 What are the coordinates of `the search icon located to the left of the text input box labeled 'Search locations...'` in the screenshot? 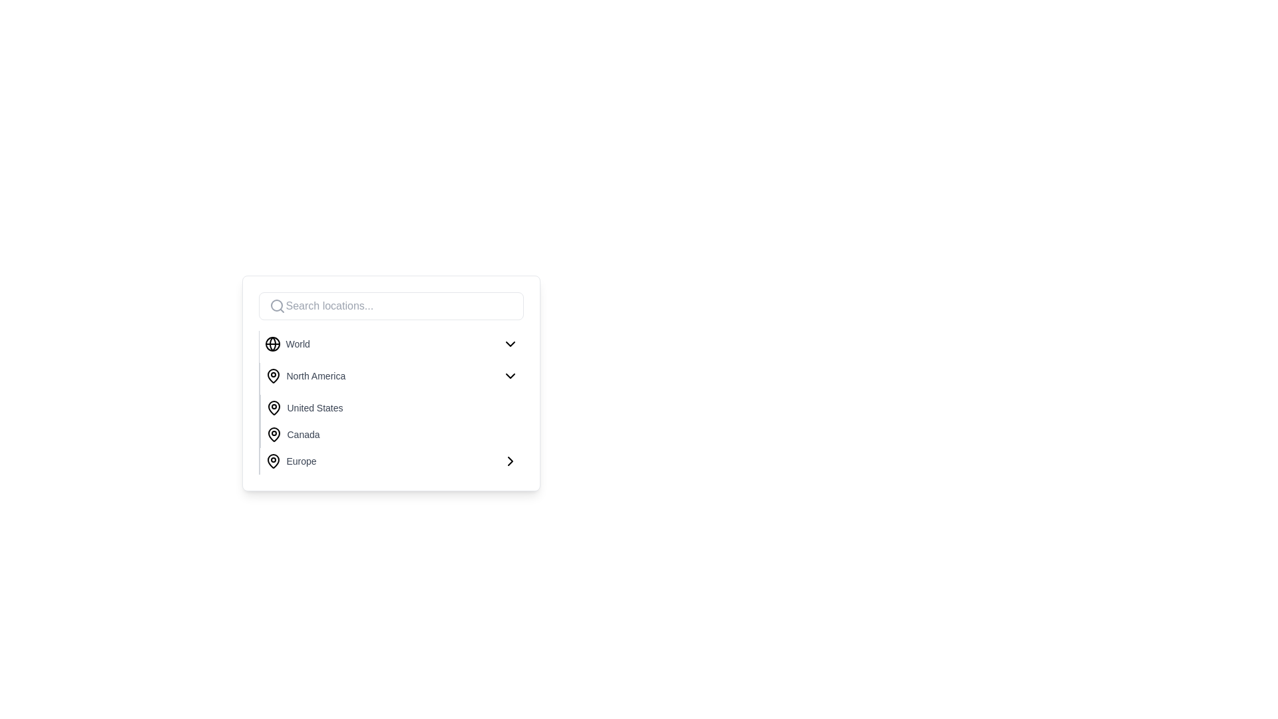 It's located at (276, 306).